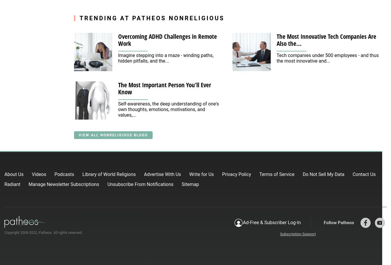 The width and height of the screenshot is (391, 265). I want to click on 'Privacy Policy', so click(236, 174).